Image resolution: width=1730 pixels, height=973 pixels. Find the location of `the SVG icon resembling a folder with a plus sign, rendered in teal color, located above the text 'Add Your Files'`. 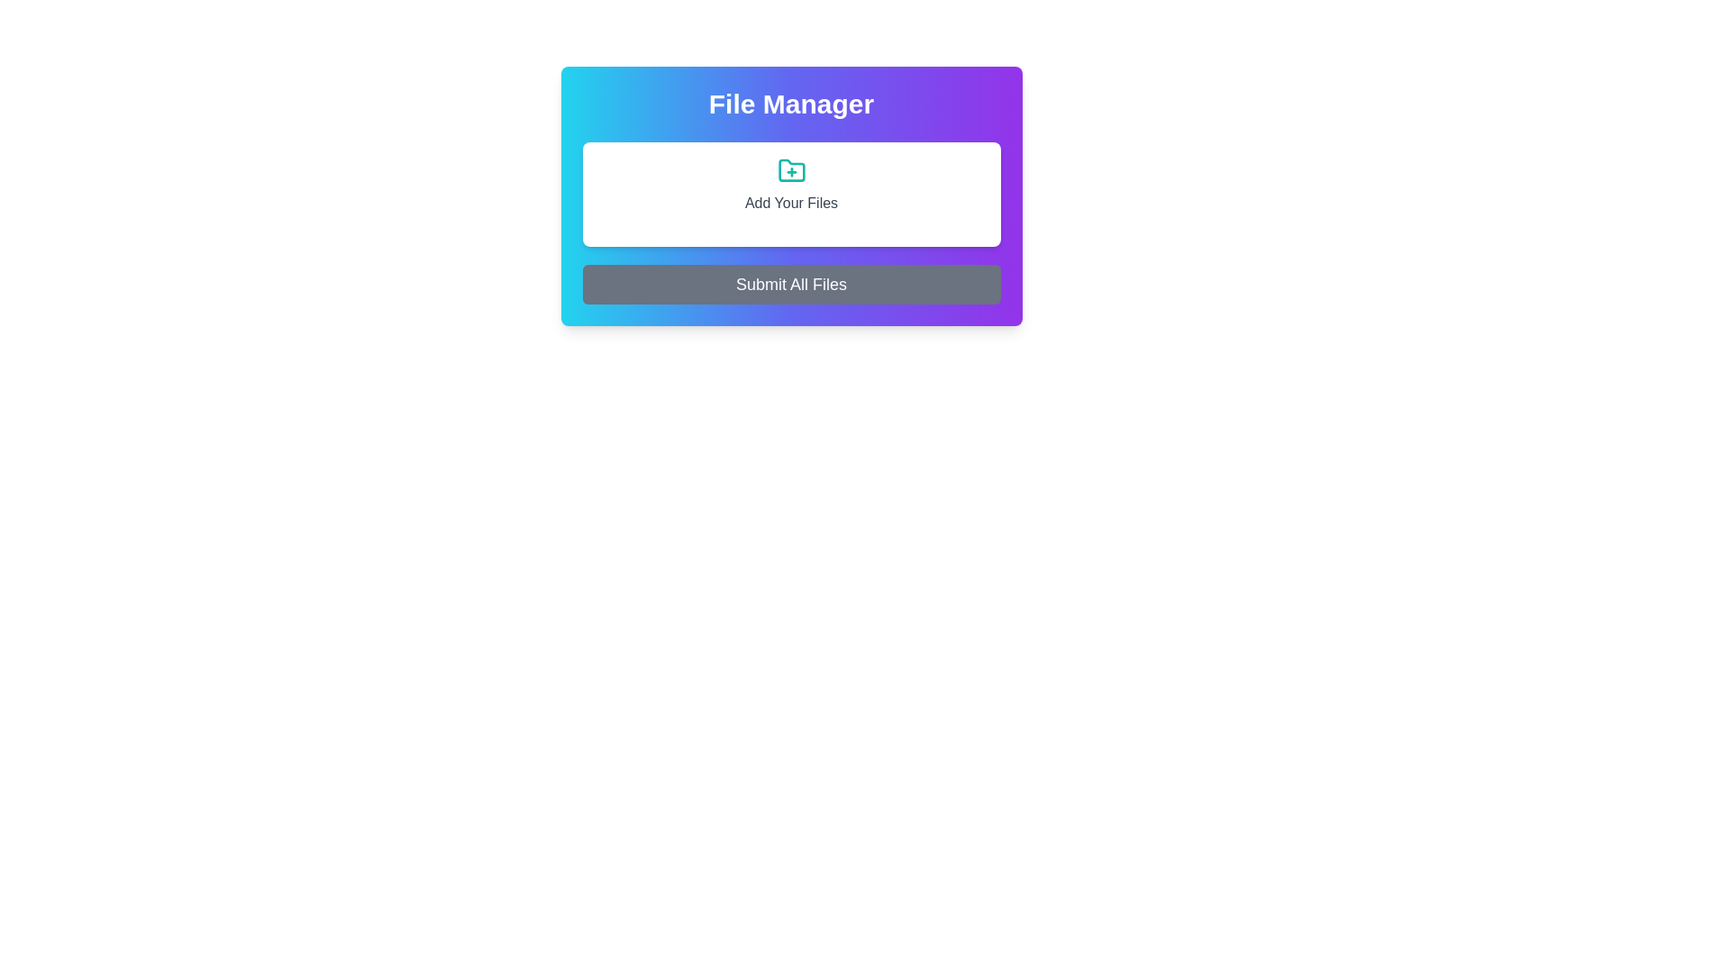

the SVG icon resembling a folder with a plus sign, rendered in teal color, located above the text 'Add Your Files' is located at coordinates (791, 170).